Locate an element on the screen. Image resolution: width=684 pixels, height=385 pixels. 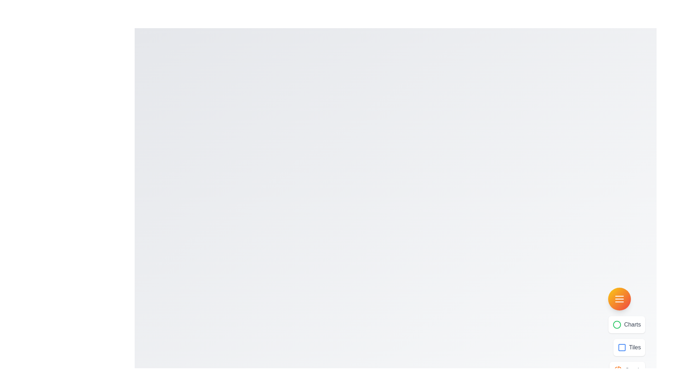
the menu option icon corresponding to Graph is located at coordinates (617, 370).